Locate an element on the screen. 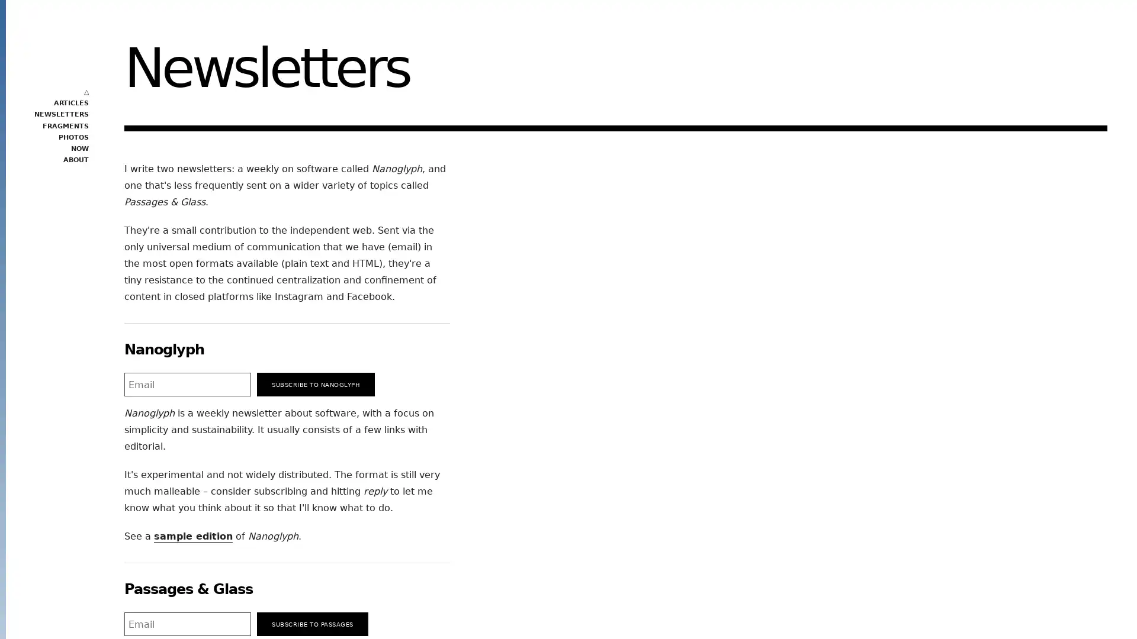  Subscribe to Nanoglyph is located at coordinates (316, 385).